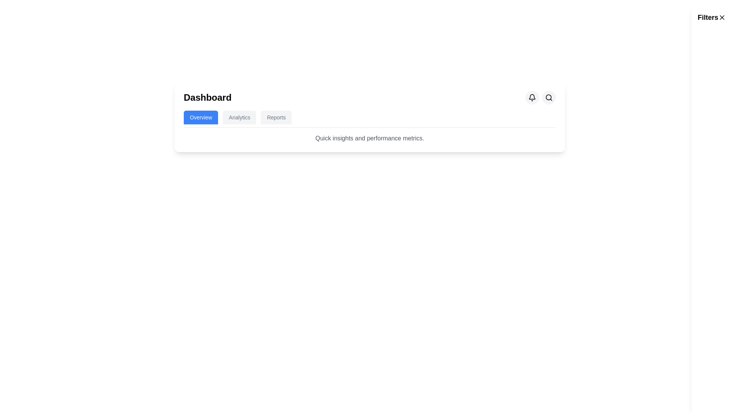  What do you see at coordinates (276, 117) in the screenshot?
I see `the 'Reports' tab, which is a rounded rectangular button with a light gray background and gray text, located in the upper-middle of the interface` at bounding box center [276, 117].